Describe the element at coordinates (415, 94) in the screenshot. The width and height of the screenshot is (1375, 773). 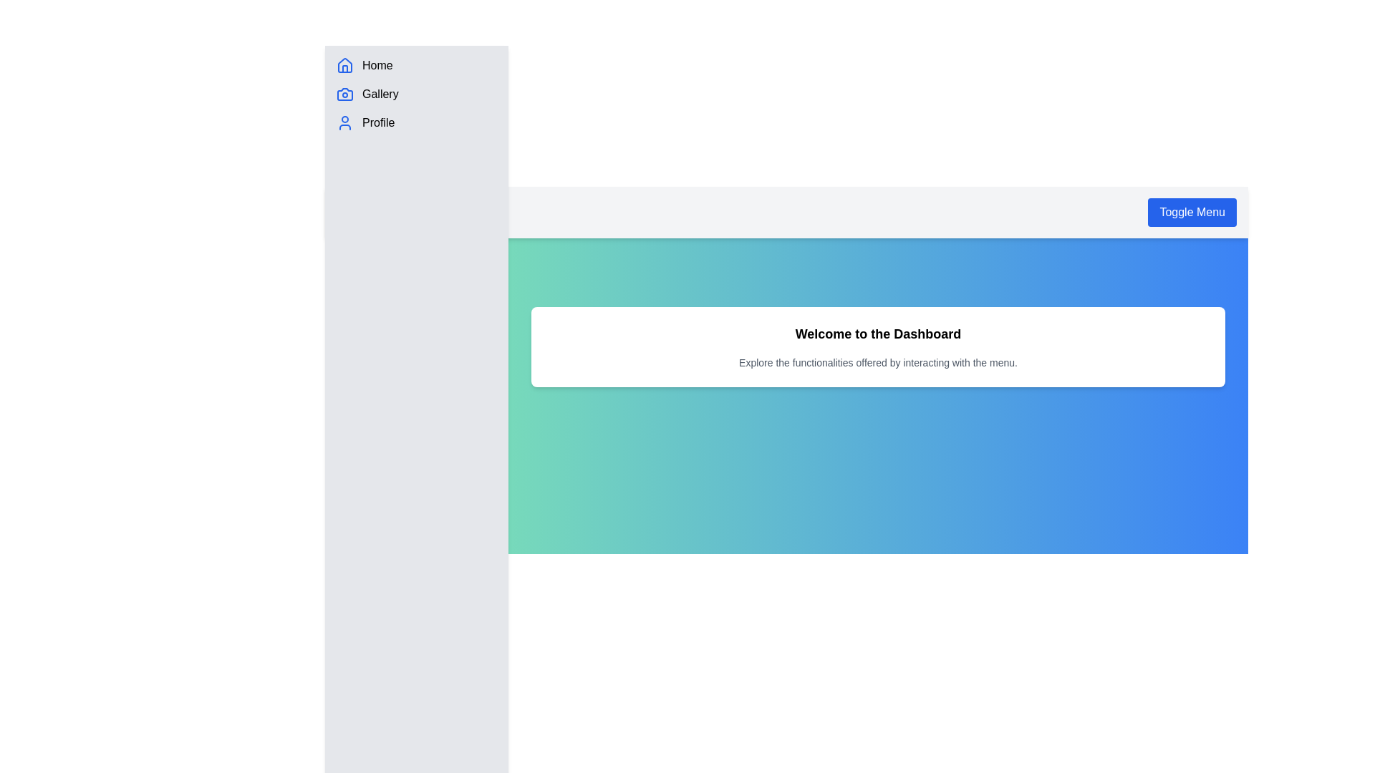
I see `the 'Gallery' menu item, which is the second item in a vertical list within the sidebar` at that location.